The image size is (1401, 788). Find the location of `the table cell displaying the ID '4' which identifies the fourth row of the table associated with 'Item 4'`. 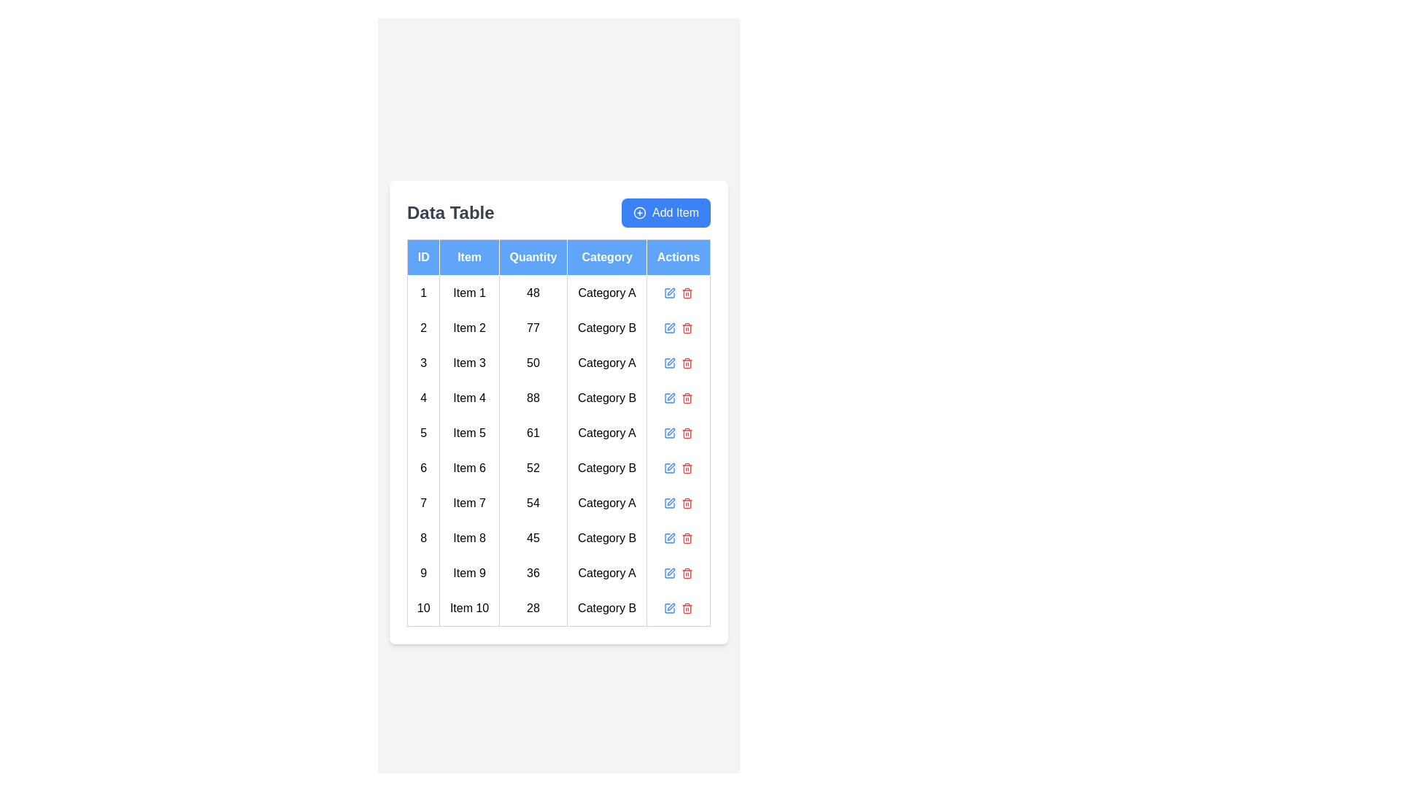

the table cell displaying the ID '4' which identifies the fourth row of the table associated with 'Item 4' is located at coordinates (422, 398).